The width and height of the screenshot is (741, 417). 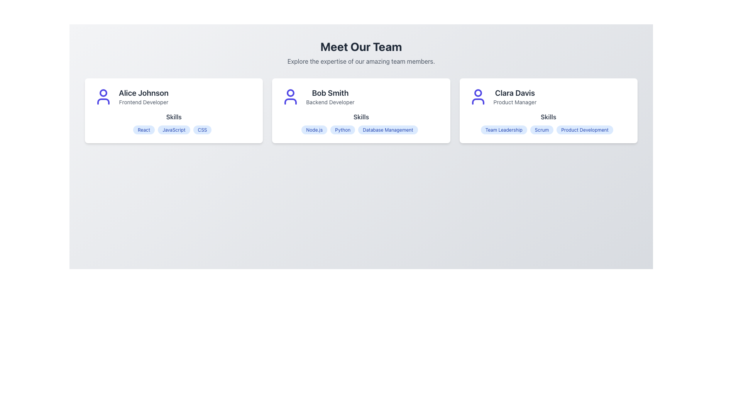 What do you see at coordinates (361, 117) in the screenshot?
I see `the 'Skills' text label, which is styled with a bold font and dark gray color, located within the card labeled 'Bob Smith'` at bounding box center [361, 117].